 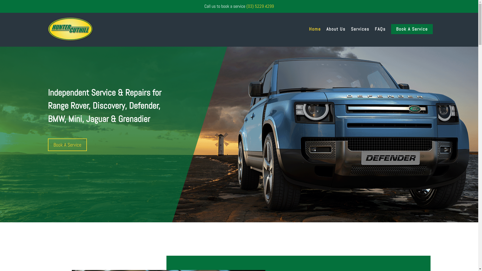 I want to click on 'Services', so click(x=360, y=29).